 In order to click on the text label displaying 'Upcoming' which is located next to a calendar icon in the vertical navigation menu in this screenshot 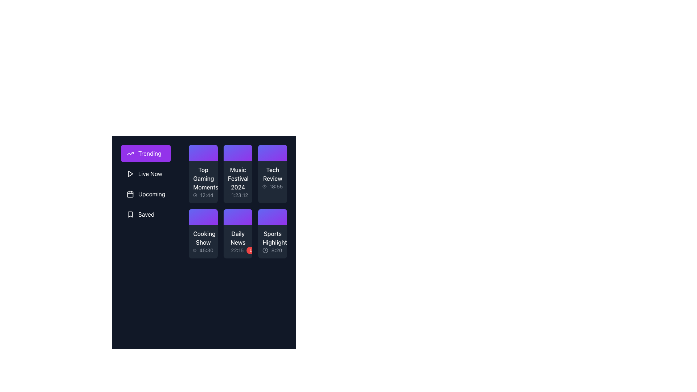, I will do `click(151, 194)`.